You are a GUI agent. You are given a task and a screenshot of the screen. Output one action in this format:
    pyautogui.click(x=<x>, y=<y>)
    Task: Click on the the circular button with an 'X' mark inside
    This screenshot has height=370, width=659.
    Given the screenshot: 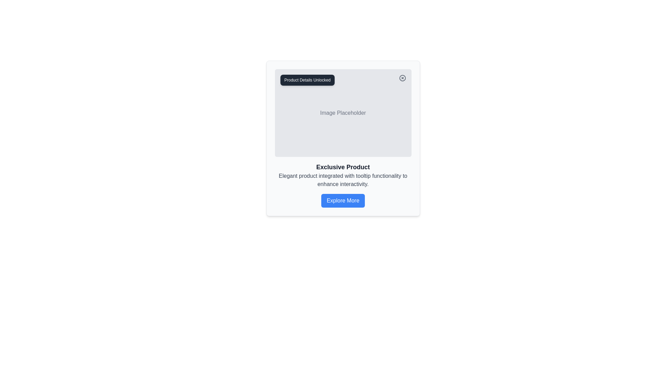 What is the action you would take?
    pyautogui.click(x=402, y=77)
    